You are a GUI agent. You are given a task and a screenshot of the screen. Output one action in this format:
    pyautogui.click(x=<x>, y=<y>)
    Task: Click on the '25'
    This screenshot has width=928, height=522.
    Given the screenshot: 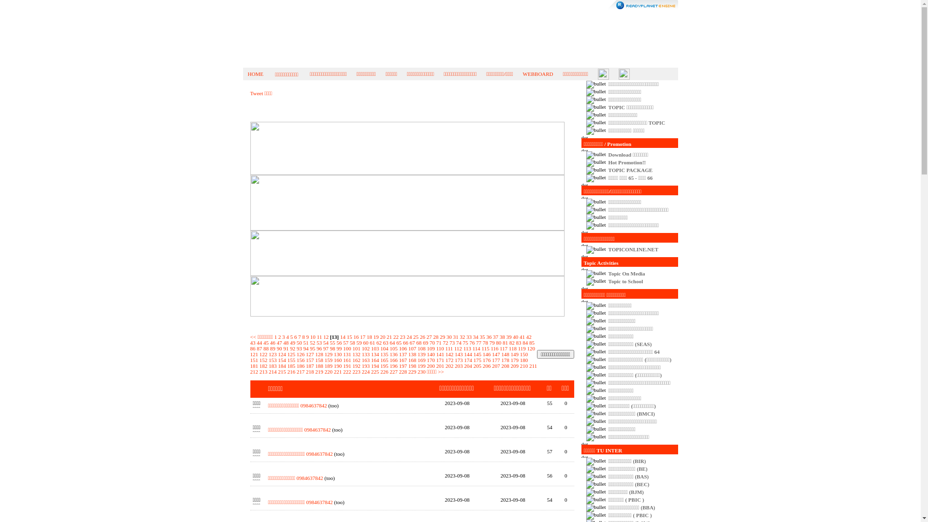 What is the action you would take?
    pyautogui.click(x=416, y=336)
    